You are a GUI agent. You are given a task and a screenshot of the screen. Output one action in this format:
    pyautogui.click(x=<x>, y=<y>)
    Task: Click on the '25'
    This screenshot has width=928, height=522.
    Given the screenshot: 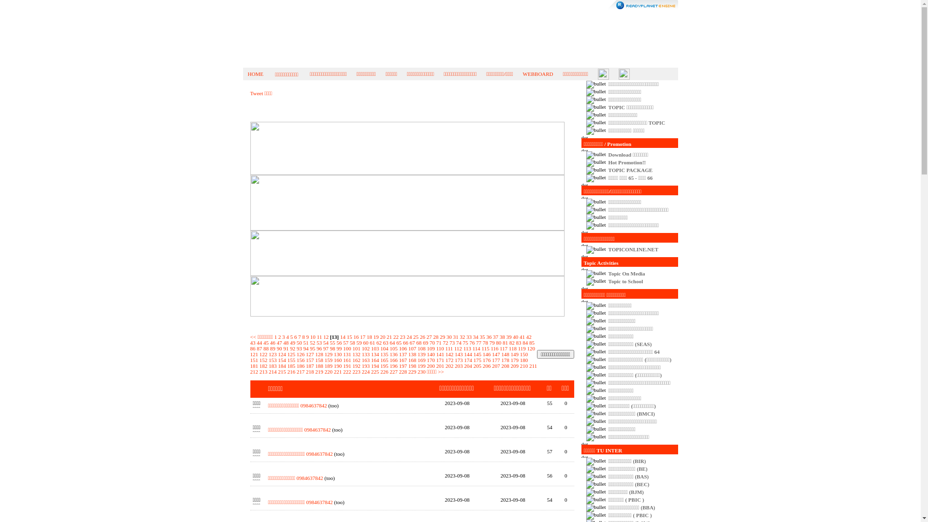 What is the action you would take?
    pyautogui.click(x=416, y=336)
    